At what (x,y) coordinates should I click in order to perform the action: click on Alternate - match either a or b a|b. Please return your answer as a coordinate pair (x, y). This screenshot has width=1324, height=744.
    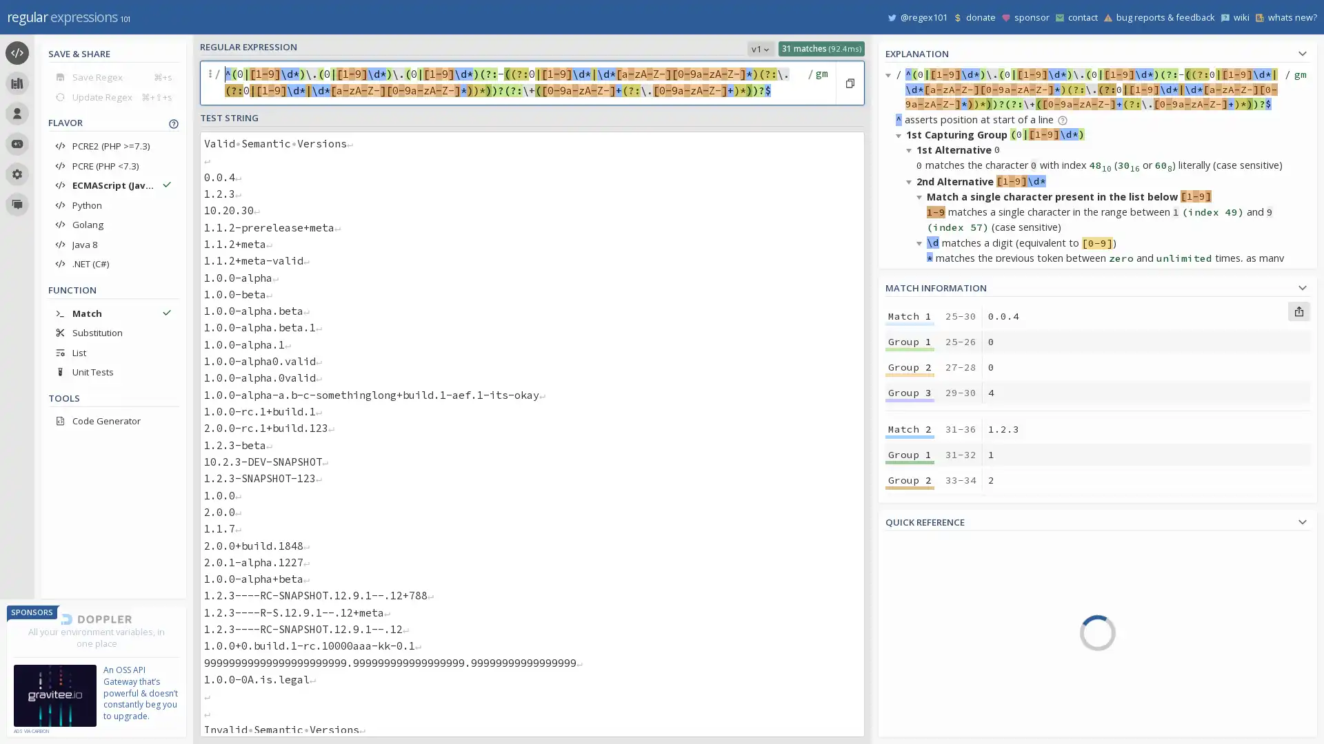
    Looking at the image, I should click on (1166, 663).